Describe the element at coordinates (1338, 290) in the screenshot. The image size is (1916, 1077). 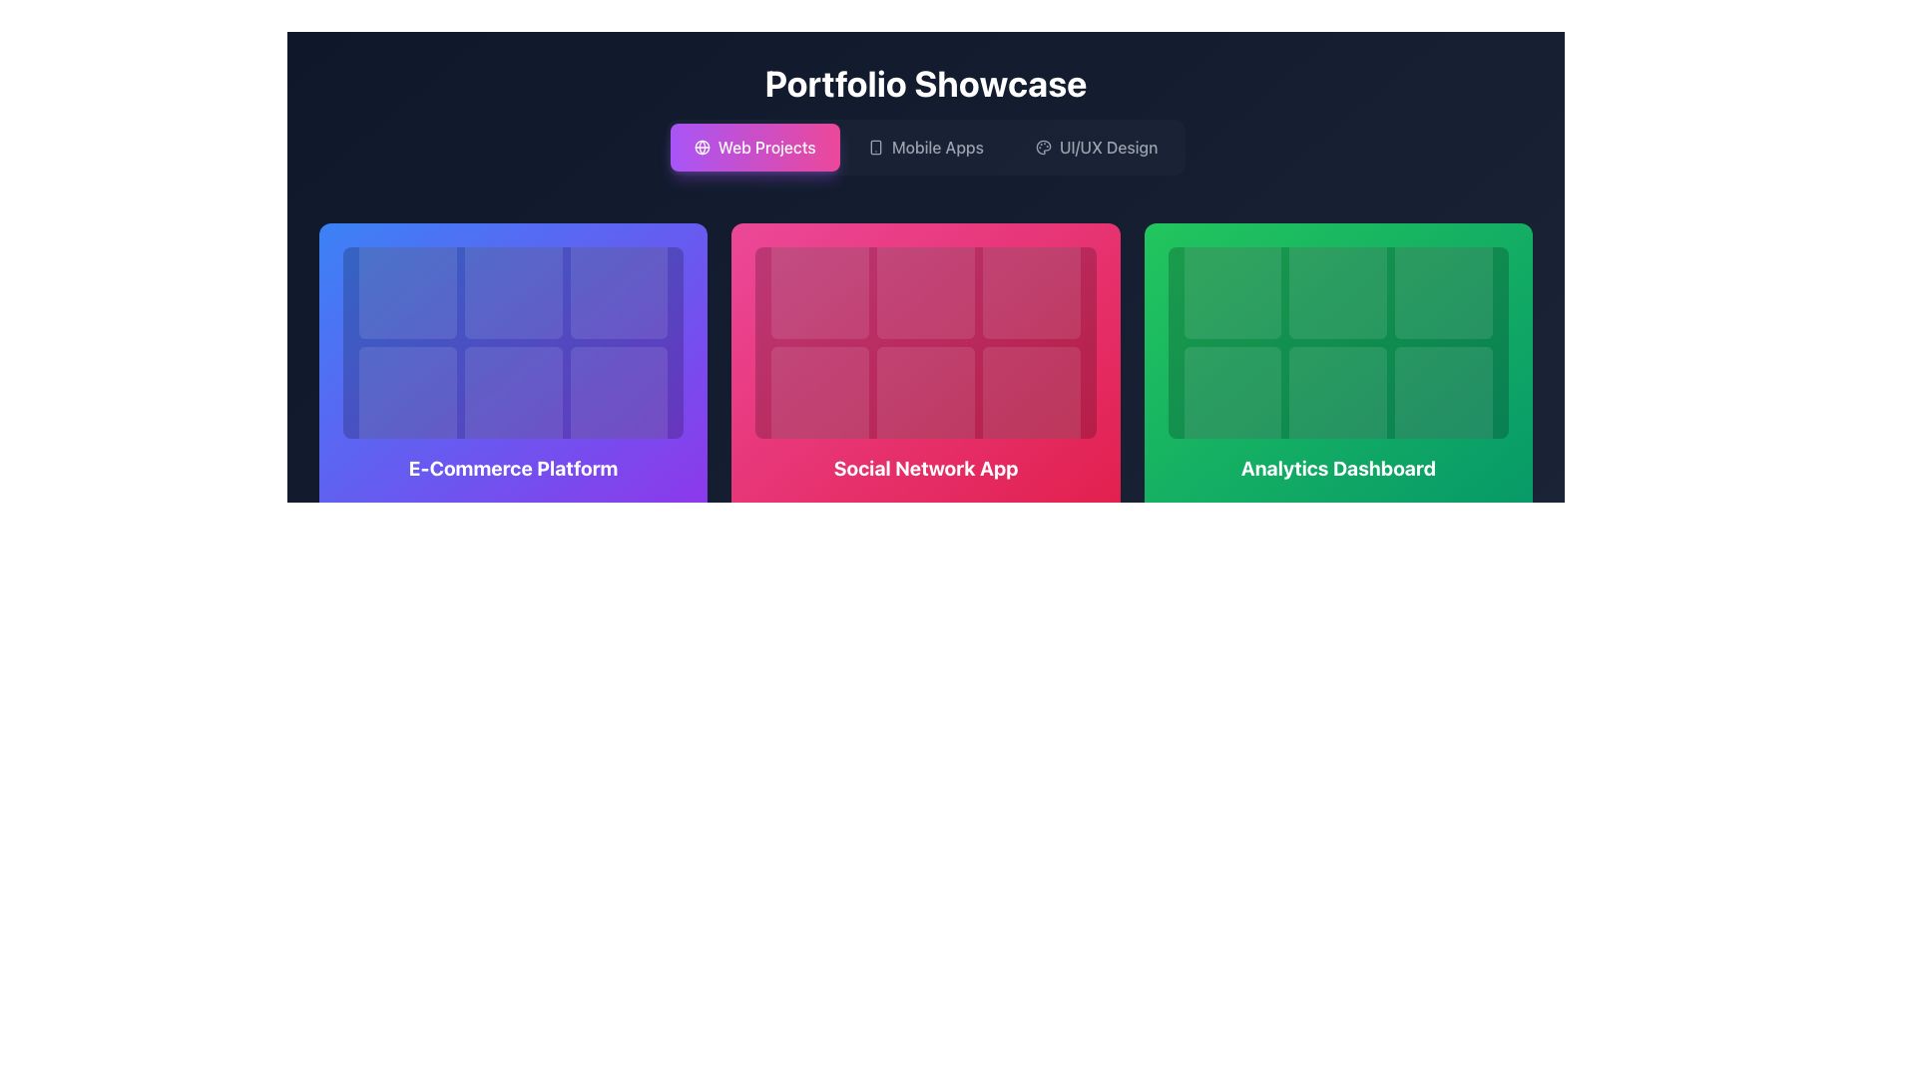
I see `the square-shaped visual placeholder or card-like UI element with a light green color and rounded corners located in the middle column of the first row of the 3x2 grid under the 'Analytics Dashboard' section` at that location.